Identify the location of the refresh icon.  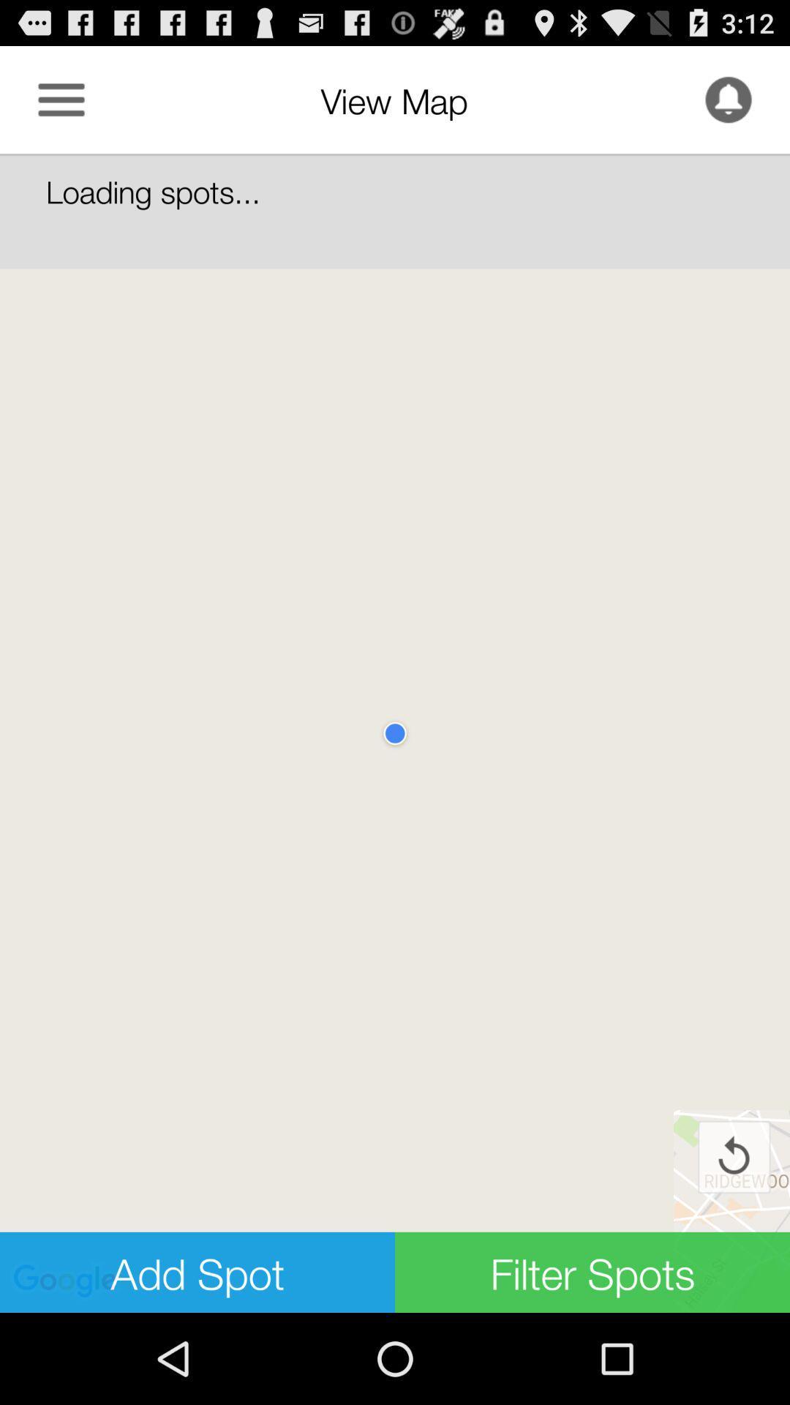
(734, 1237).